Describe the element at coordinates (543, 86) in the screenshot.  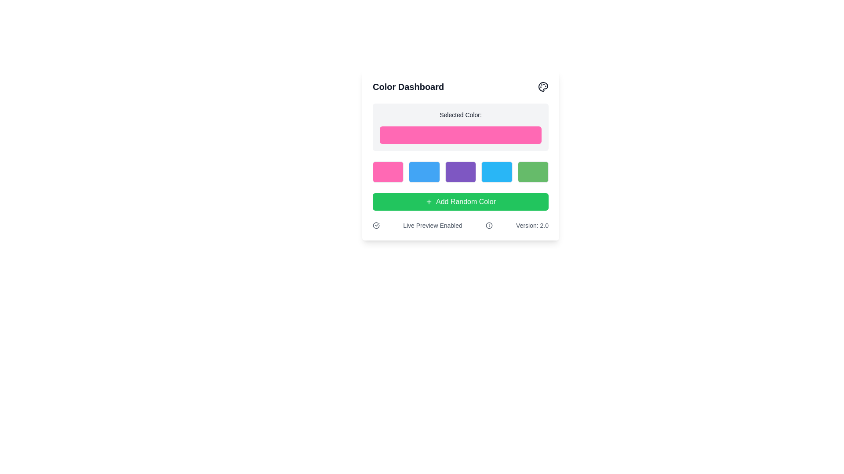
I see `the color palette icon located at the top-right corner of the 'Color Dashboard' card interface` at that location.